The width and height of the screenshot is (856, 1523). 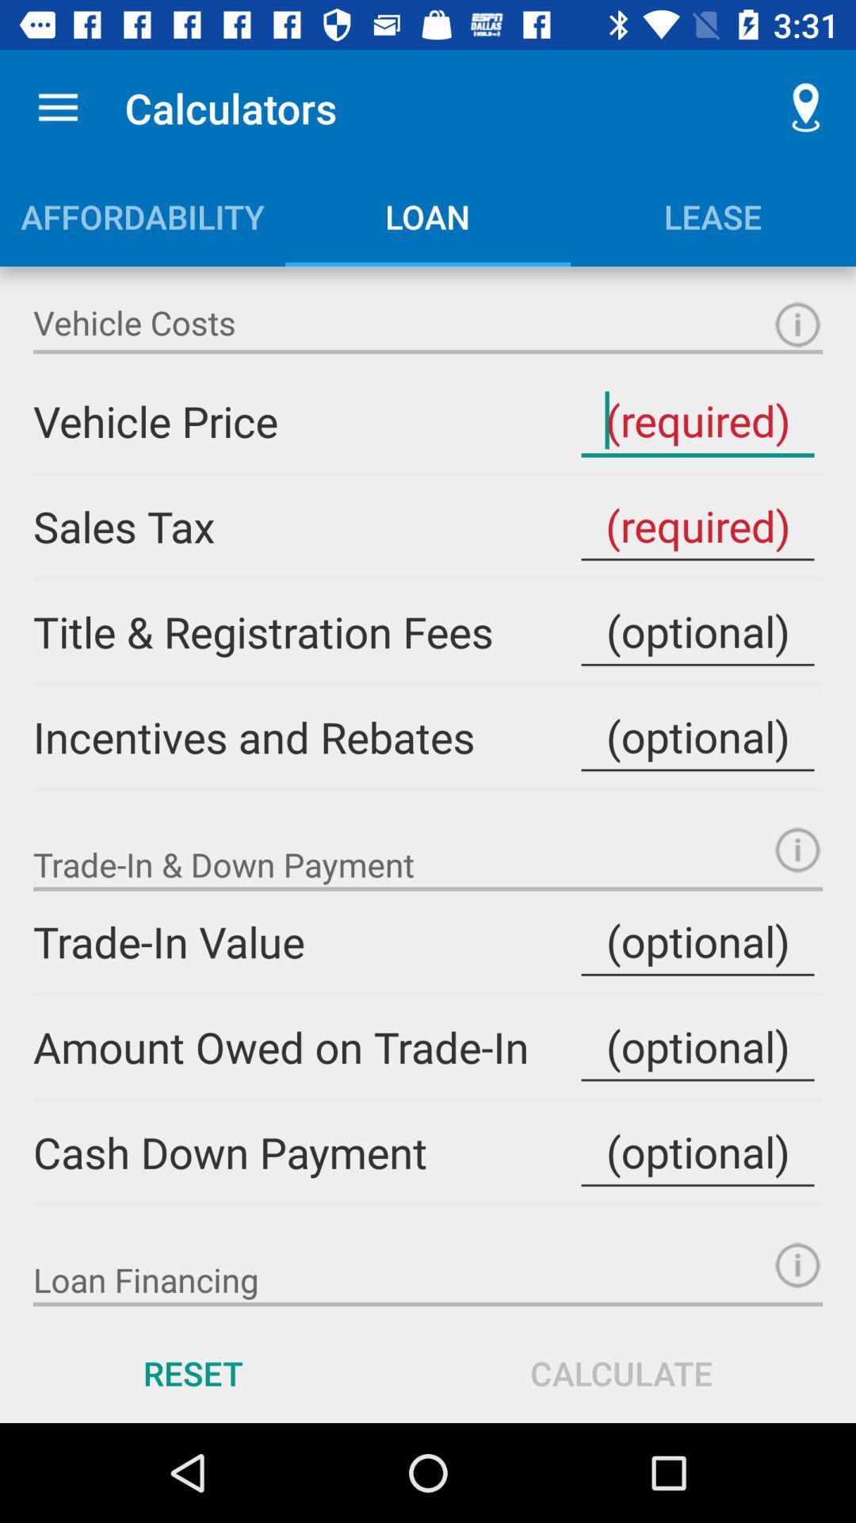 I want to click on the icon next to reset, so click(x=620, y=1372).